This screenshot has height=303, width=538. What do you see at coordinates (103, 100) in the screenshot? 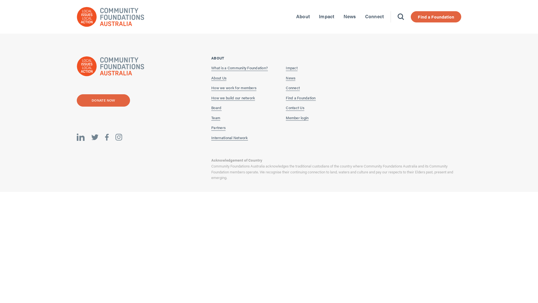
I see `'DONATE NOW'` at bounding box center [103, 100].